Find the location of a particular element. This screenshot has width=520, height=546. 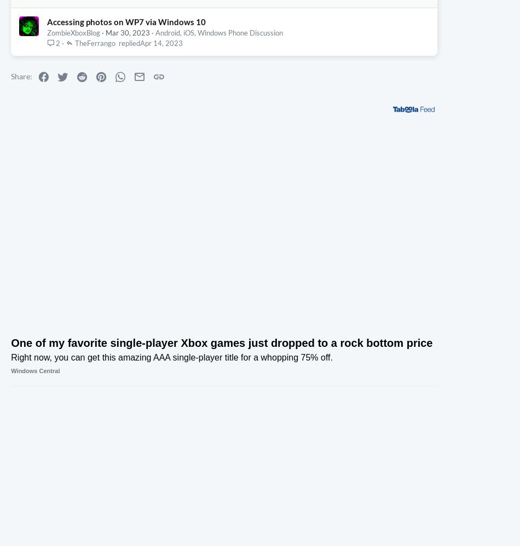

'Mar 30, 2023' is located at coordinates (128, 136).